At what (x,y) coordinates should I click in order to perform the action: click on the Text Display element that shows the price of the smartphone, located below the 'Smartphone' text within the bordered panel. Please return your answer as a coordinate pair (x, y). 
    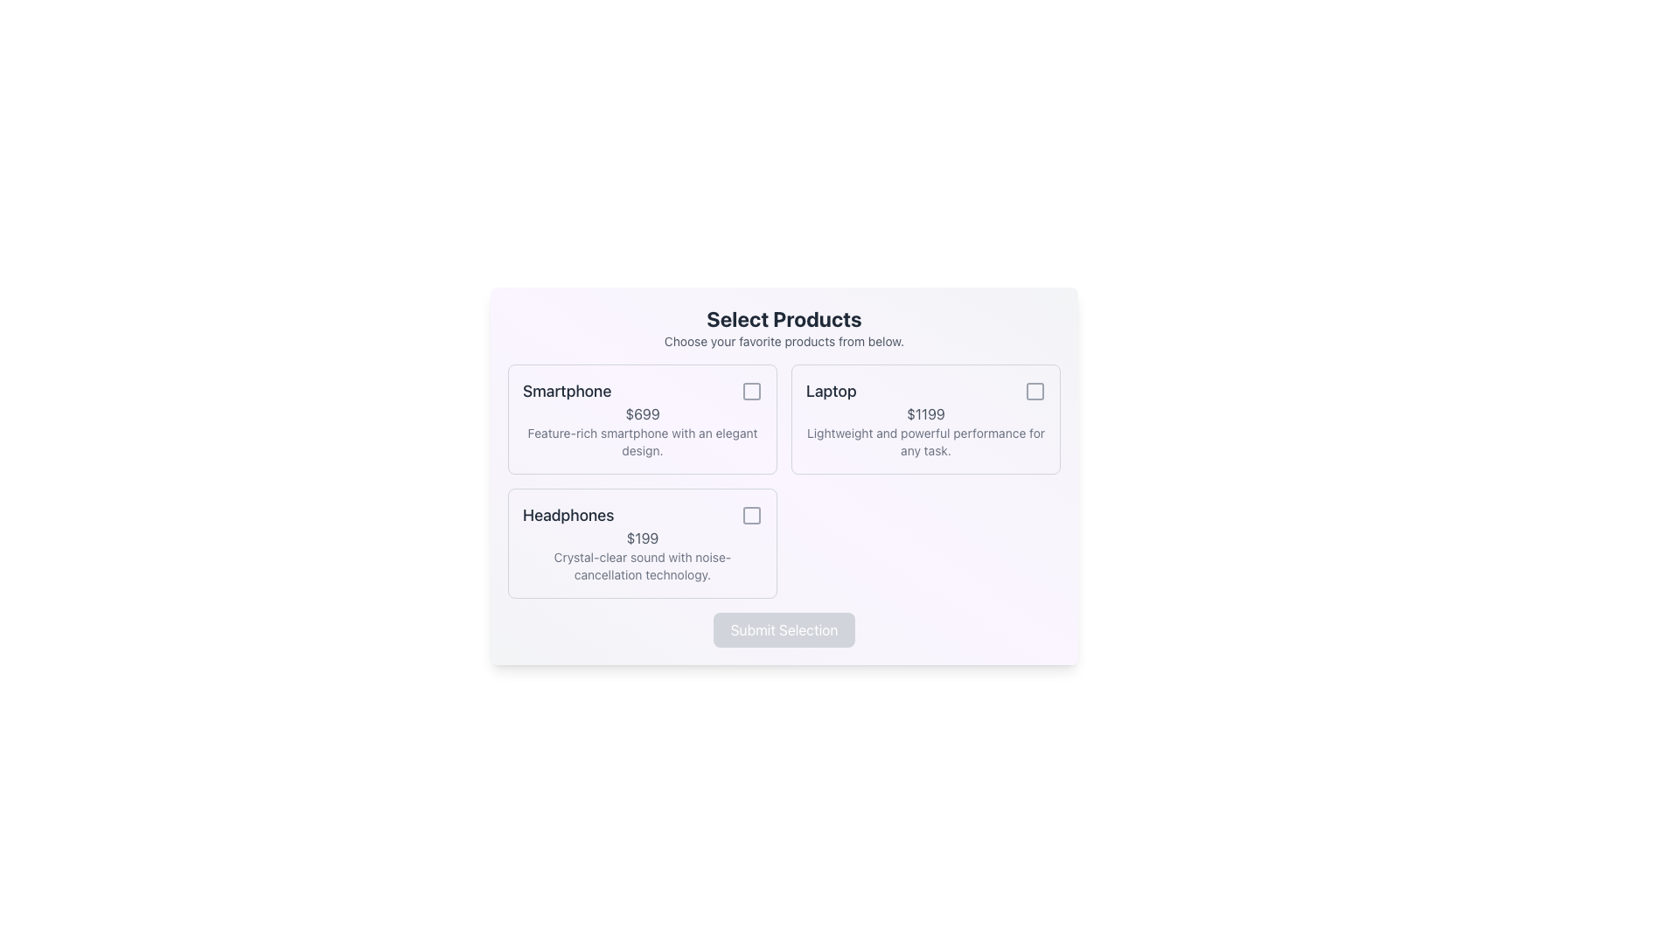
    Looking at the image, I should click on (641, 414).